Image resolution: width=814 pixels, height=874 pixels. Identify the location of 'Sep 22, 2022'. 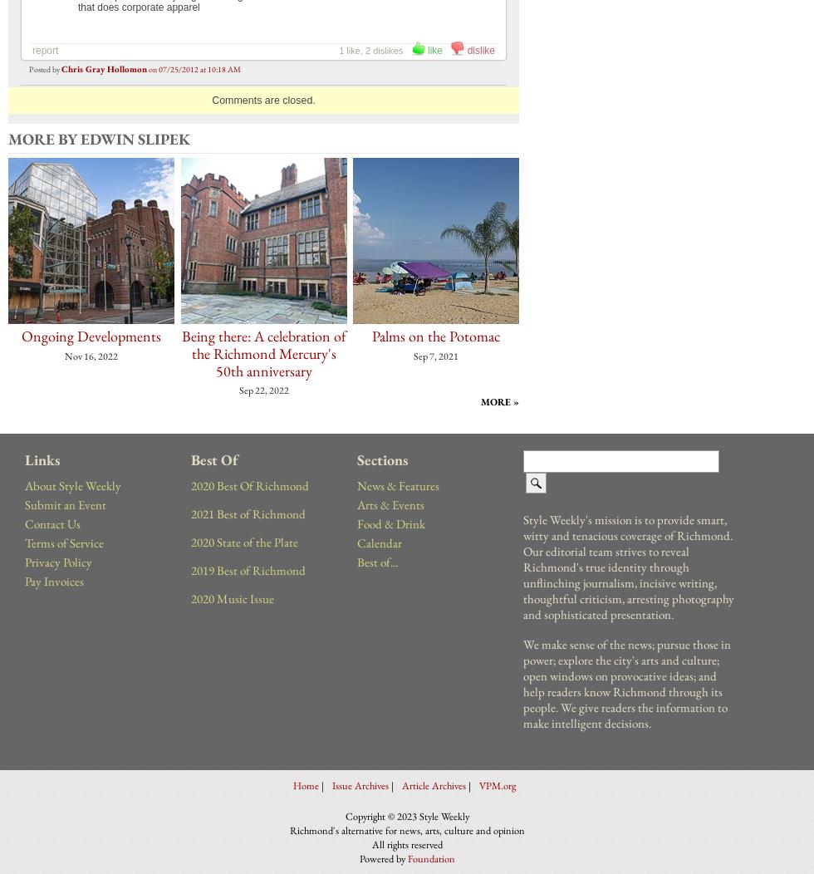
(263, 390).